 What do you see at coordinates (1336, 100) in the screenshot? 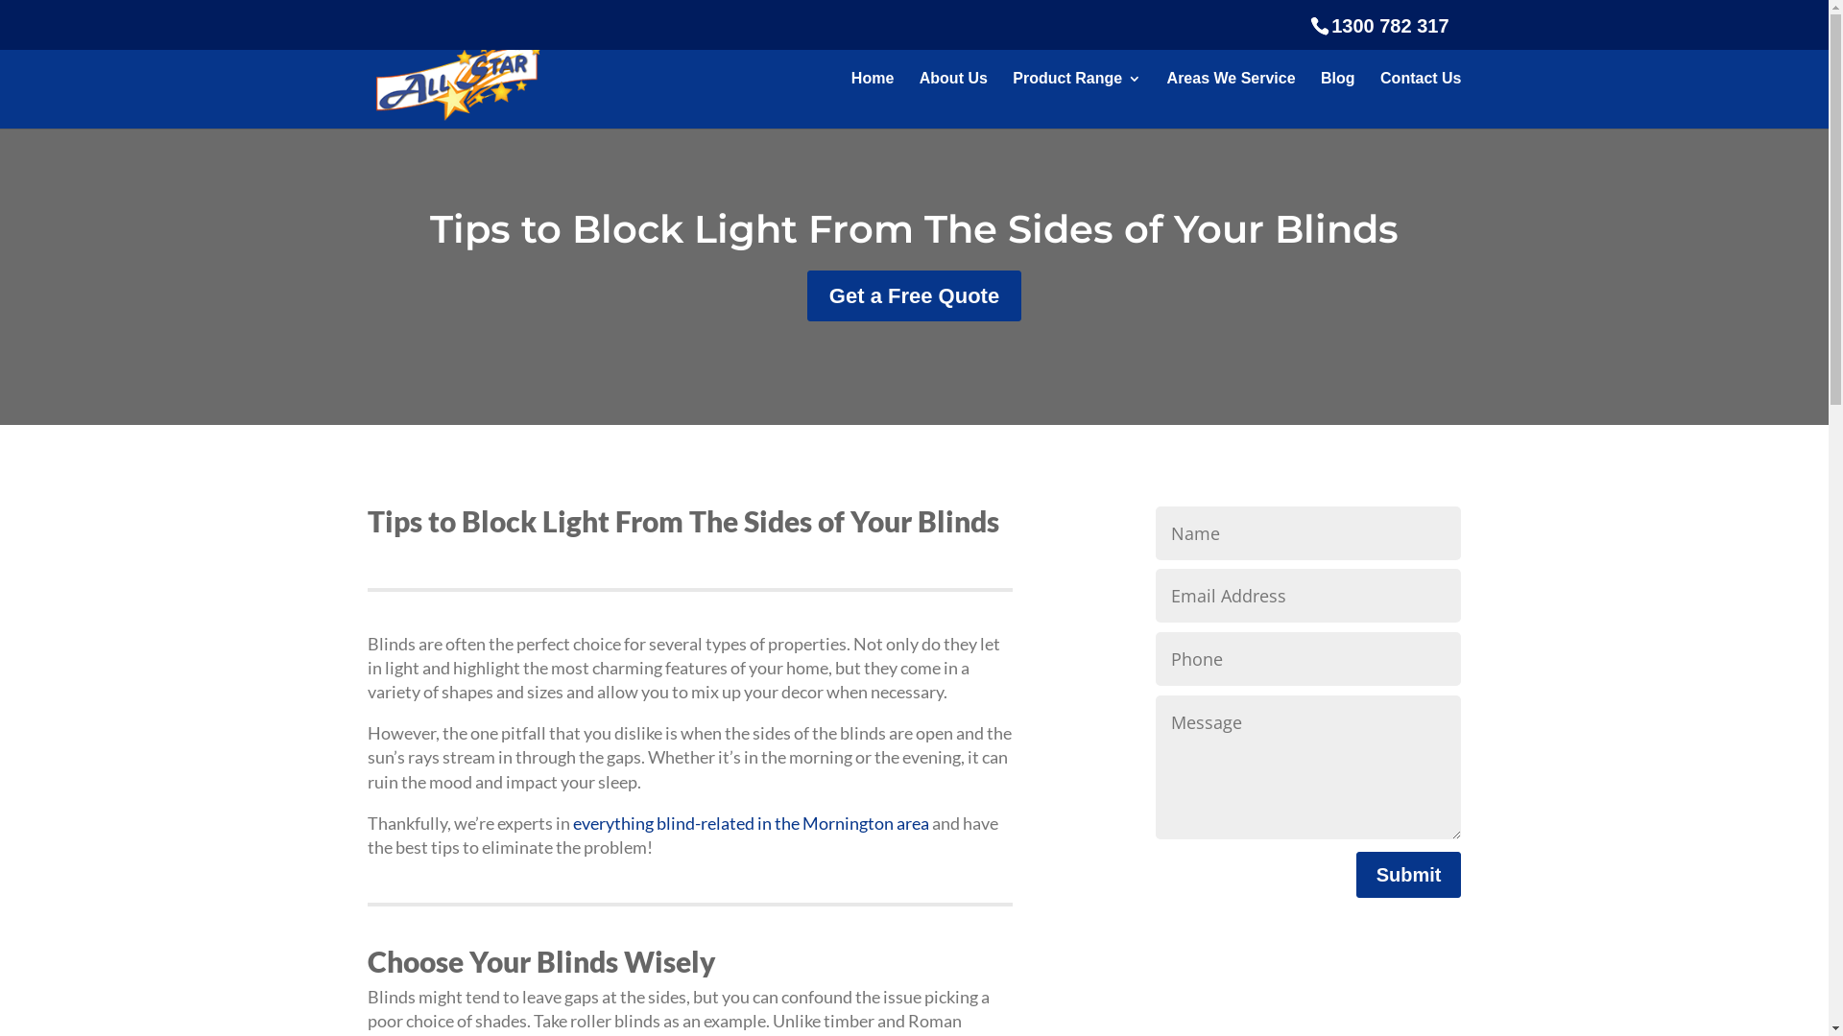
I see `'Blog'` at bounding box center [1336, 100].